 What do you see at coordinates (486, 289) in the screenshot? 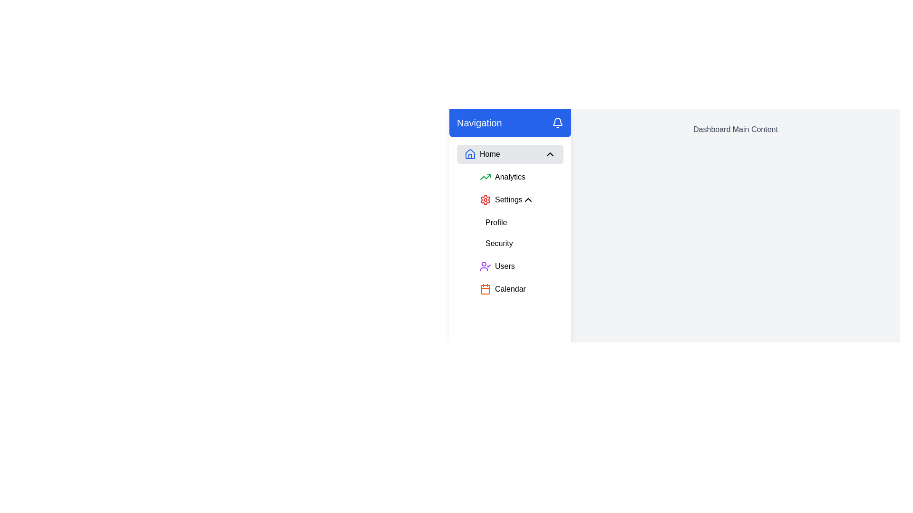
I see `the calendar icon located in the bottom-most menu item of the left side navigation` at bounding box center [486, 289].